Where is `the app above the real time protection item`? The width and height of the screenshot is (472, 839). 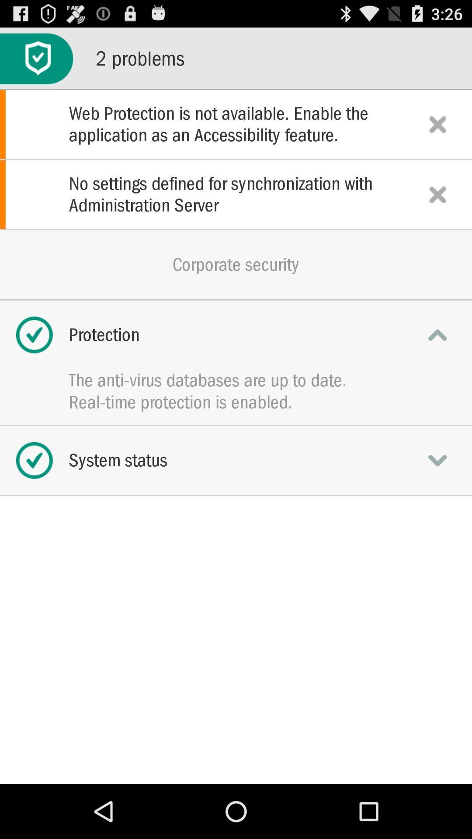
the app above the real time protection item is located at coordinates (236, 380).